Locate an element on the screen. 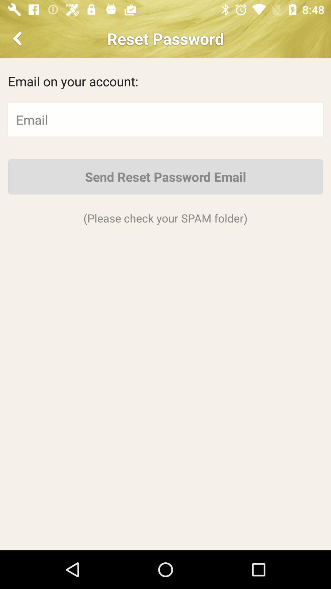 This screenshot has width=331, height=589. item above email on your item is located at coordinates (18, 38).